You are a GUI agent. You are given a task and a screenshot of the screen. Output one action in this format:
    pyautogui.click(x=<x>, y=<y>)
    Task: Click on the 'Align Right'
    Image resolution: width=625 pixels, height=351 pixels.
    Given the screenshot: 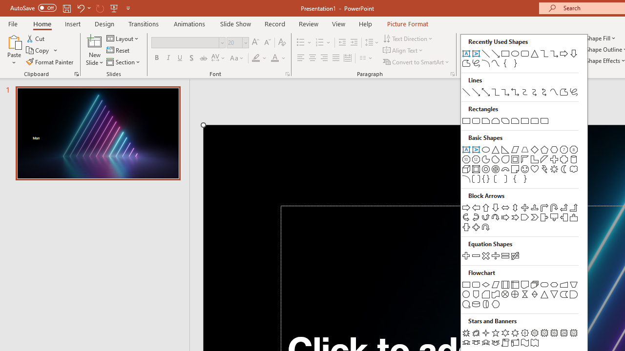 What is the action you would take?
    pyautogui.click(x=324, y=58)
    